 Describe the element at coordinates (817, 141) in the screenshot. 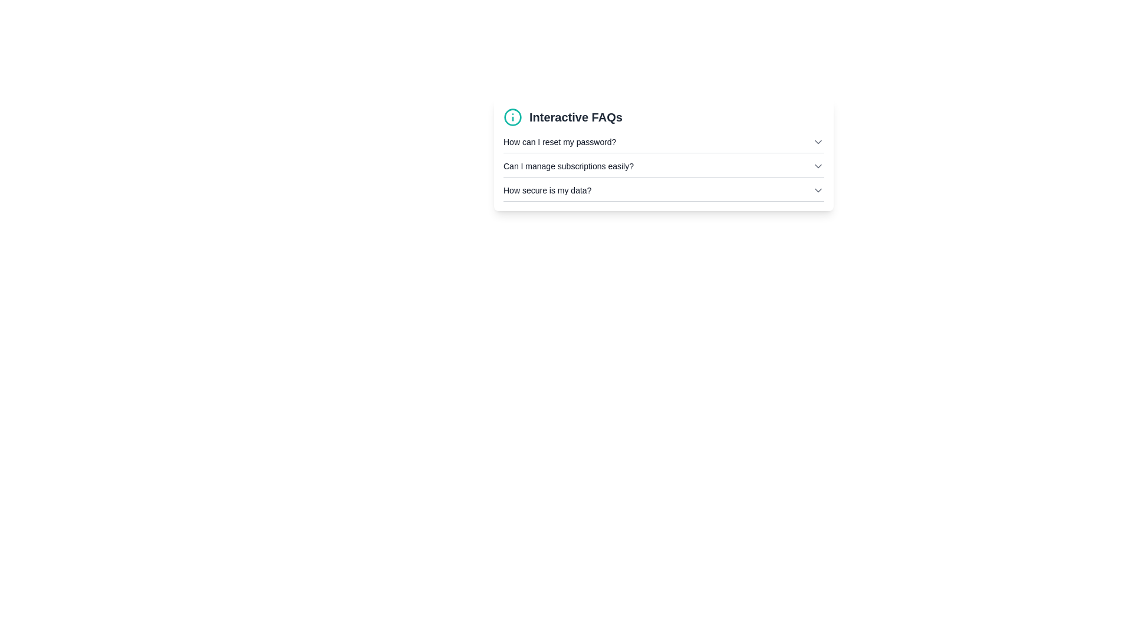

I see `the downward-pointing chevron icon located to the right of the question 'How can I reset my password?' in the FAQ section` at that location.